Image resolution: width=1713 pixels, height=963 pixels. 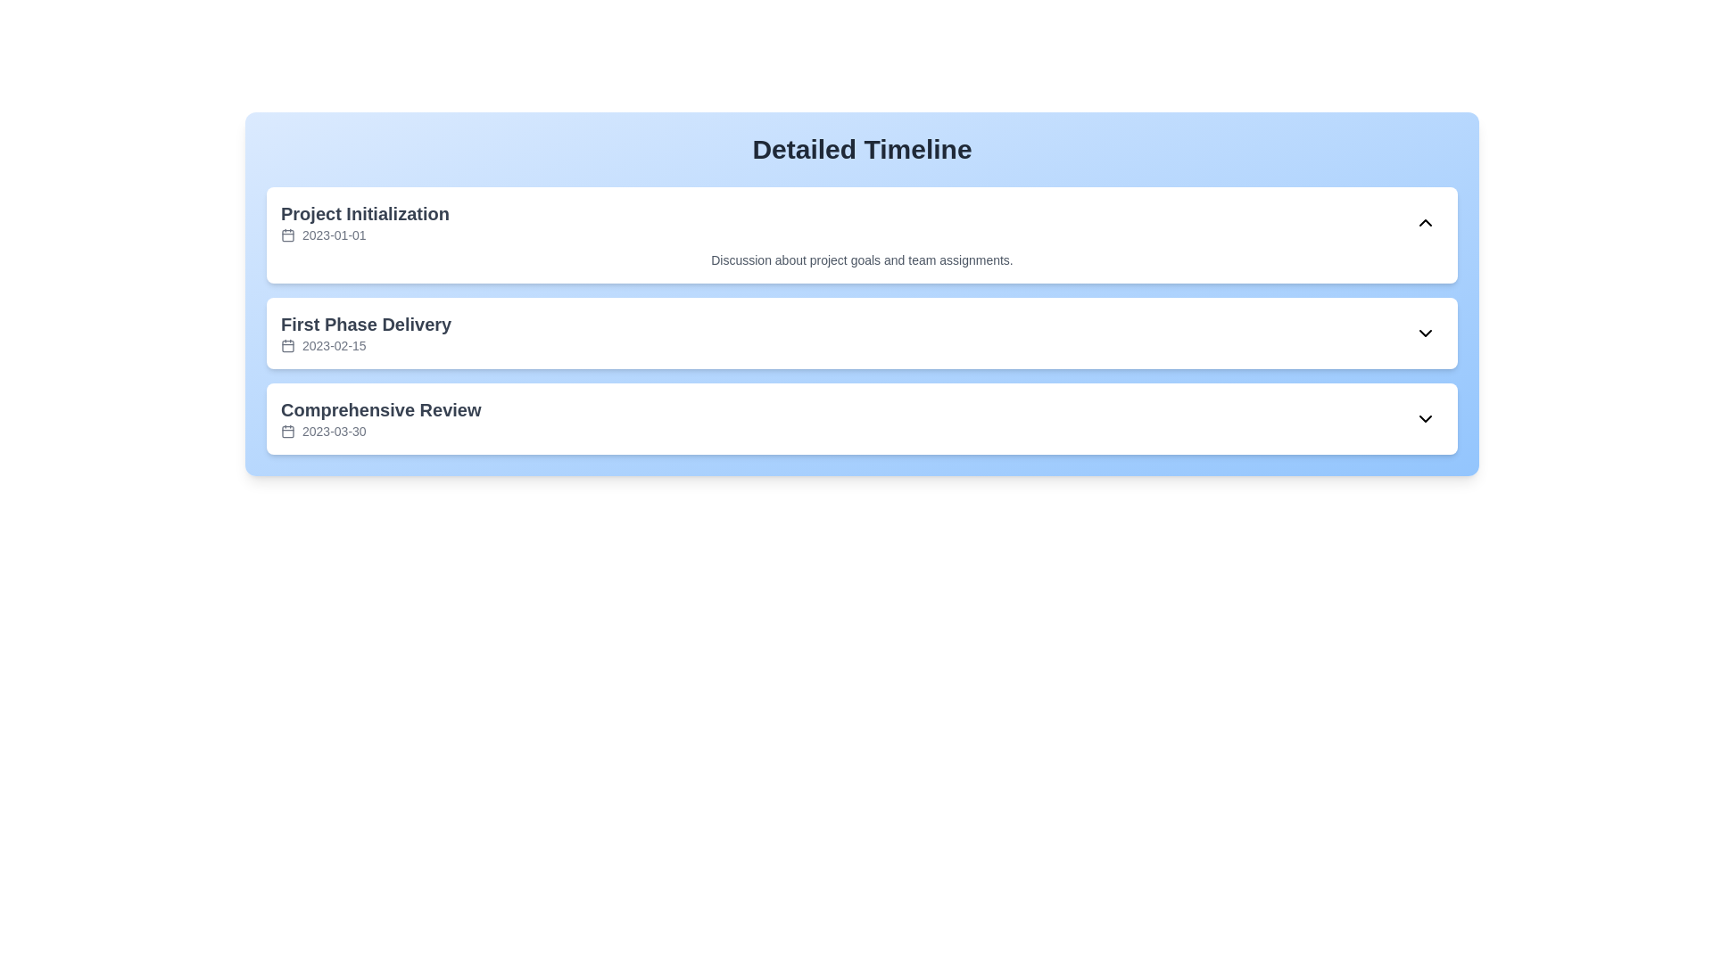 I want to click on the Static text label that serves as a title for the third timeline entry, which is positioned above the date '2023-03-30' and aligned to the left, so click(x=380, y=409).